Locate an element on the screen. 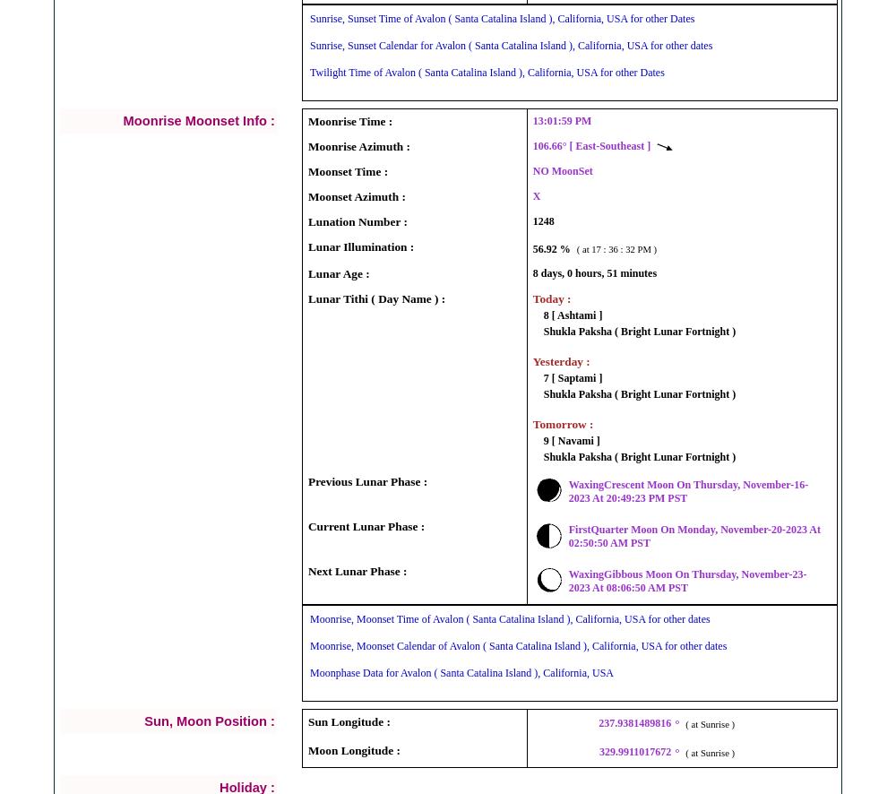 The height and width of the screenshot is (794, 896). 'Lunar Tithi ( Day Name ) :' is located at coordinates (376, 297).